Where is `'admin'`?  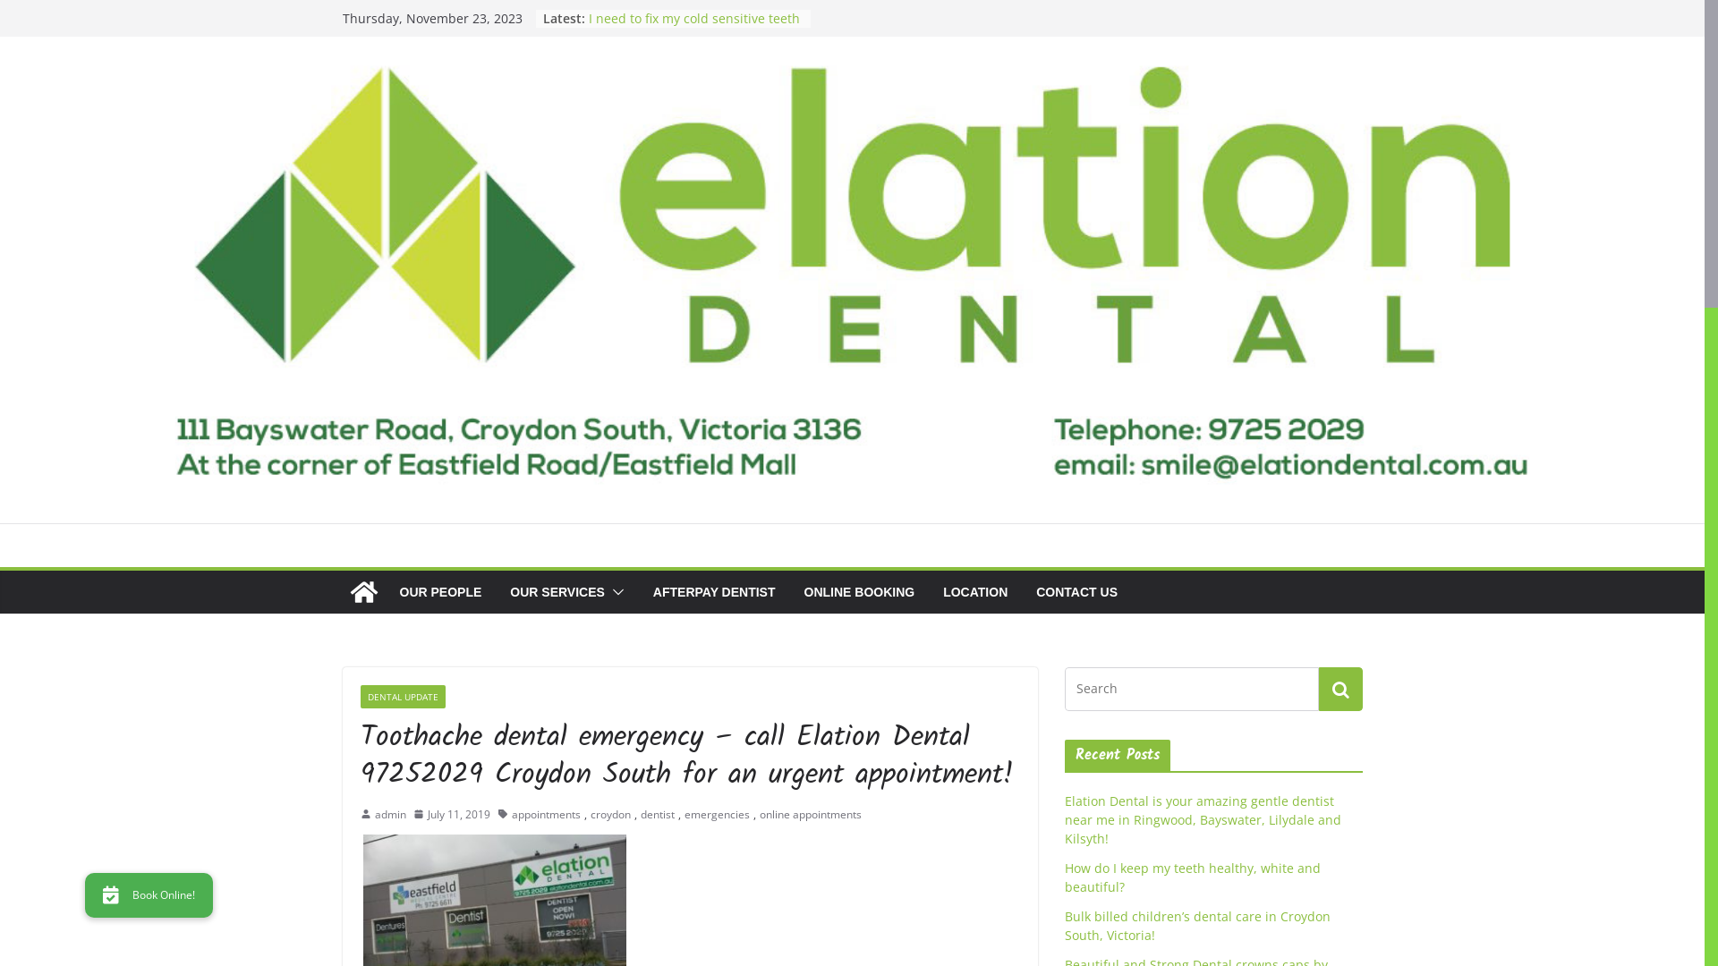 'admin' is located at coordinates (388, 814).